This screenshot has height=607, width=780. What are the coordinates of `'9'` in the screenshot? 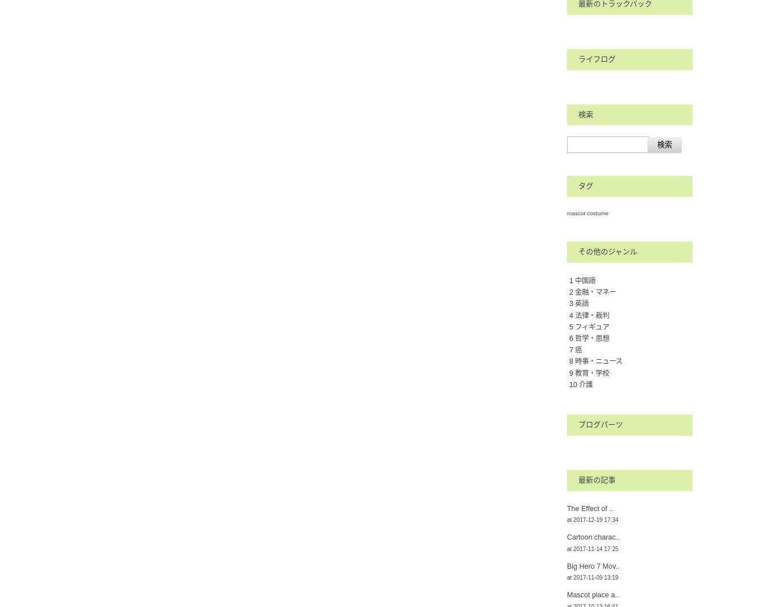 It's located at (572, 372).